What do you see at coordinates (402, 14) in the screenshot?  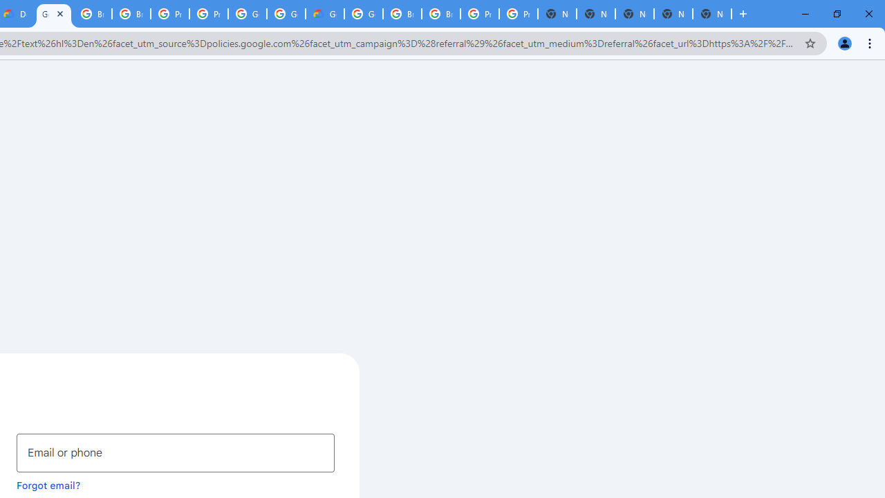 I see `'Browse Chrome as a guest - Computer - Google Chrome Help'` at bounding box center [402, 14].